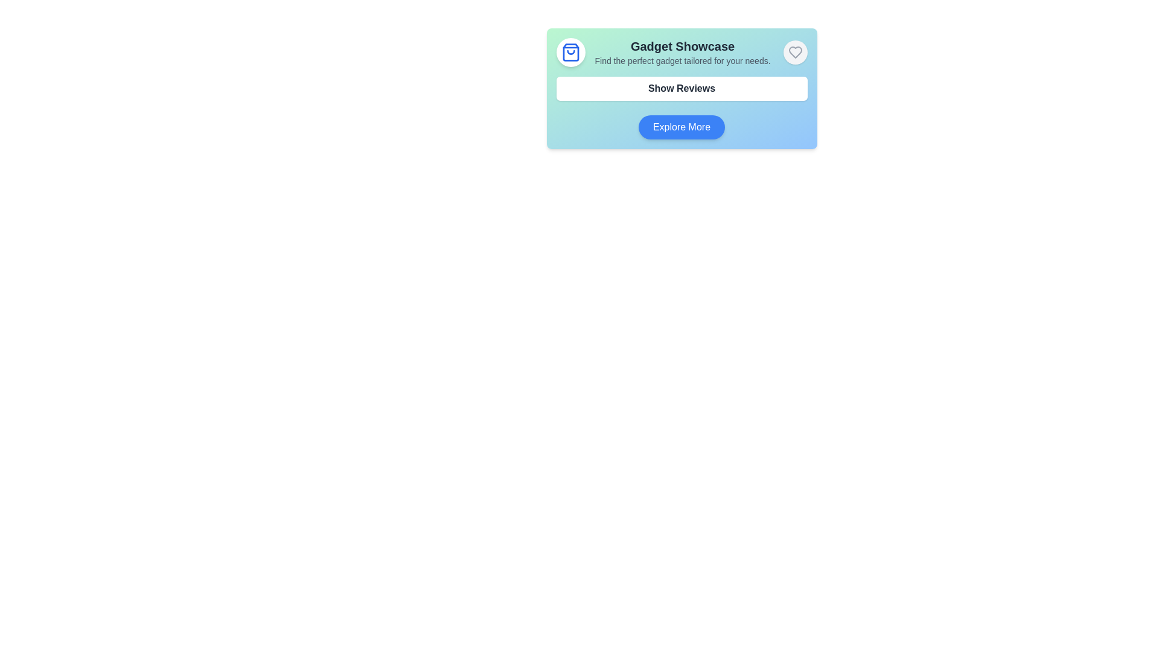  I want to click on the text display component titled 'Gadget Showcase' which includes a subtitle 'Find the perfect gadget tailored for your needs.', so click(683, 52).